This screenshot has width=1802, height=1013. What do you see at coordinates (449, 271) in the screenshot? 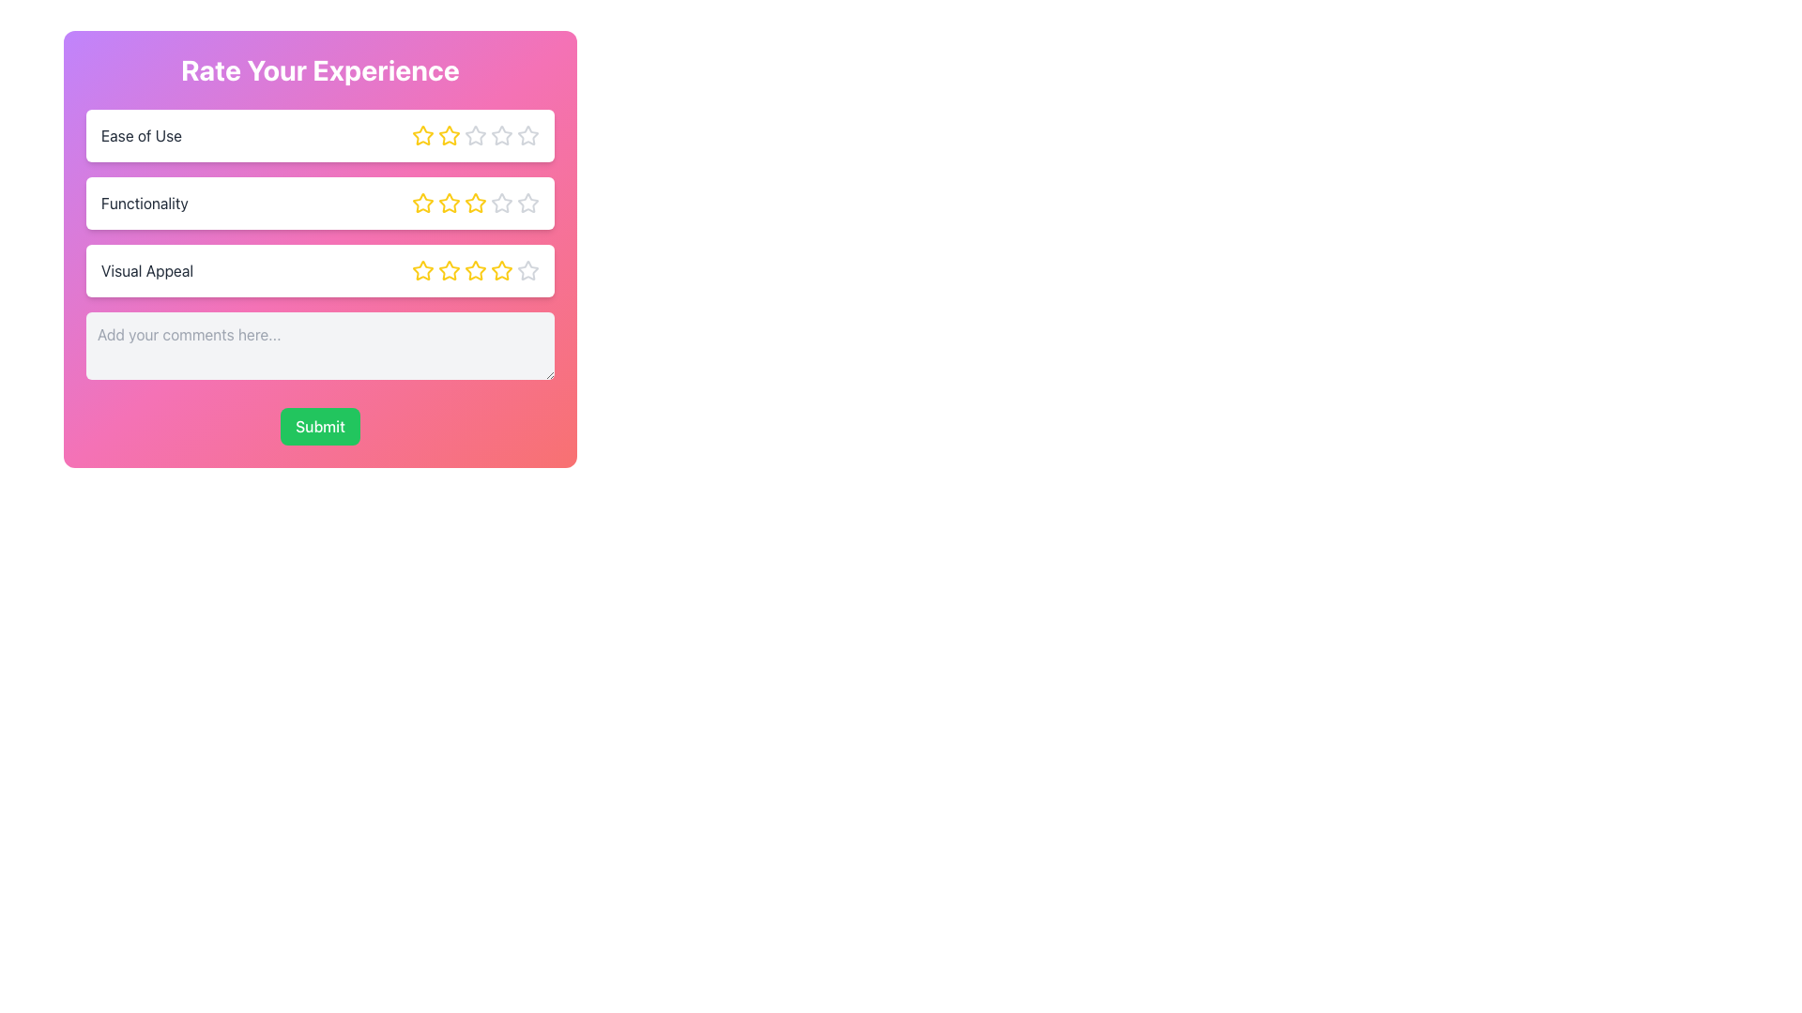
I see `the third interactive star icon in the rating row under the 'Visual Appeal' category to observe hover effects` at bounding box center [449, 271].